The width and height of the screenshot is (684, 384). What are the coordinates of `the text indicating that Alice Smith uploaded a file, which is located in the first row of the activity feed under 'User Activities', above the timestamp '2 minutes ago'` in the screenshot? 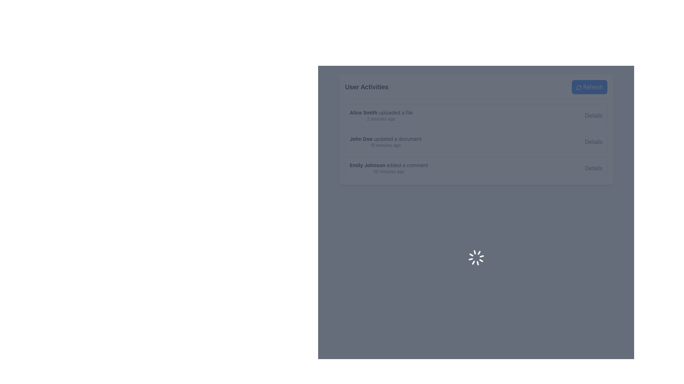 It's located at (380, 112).